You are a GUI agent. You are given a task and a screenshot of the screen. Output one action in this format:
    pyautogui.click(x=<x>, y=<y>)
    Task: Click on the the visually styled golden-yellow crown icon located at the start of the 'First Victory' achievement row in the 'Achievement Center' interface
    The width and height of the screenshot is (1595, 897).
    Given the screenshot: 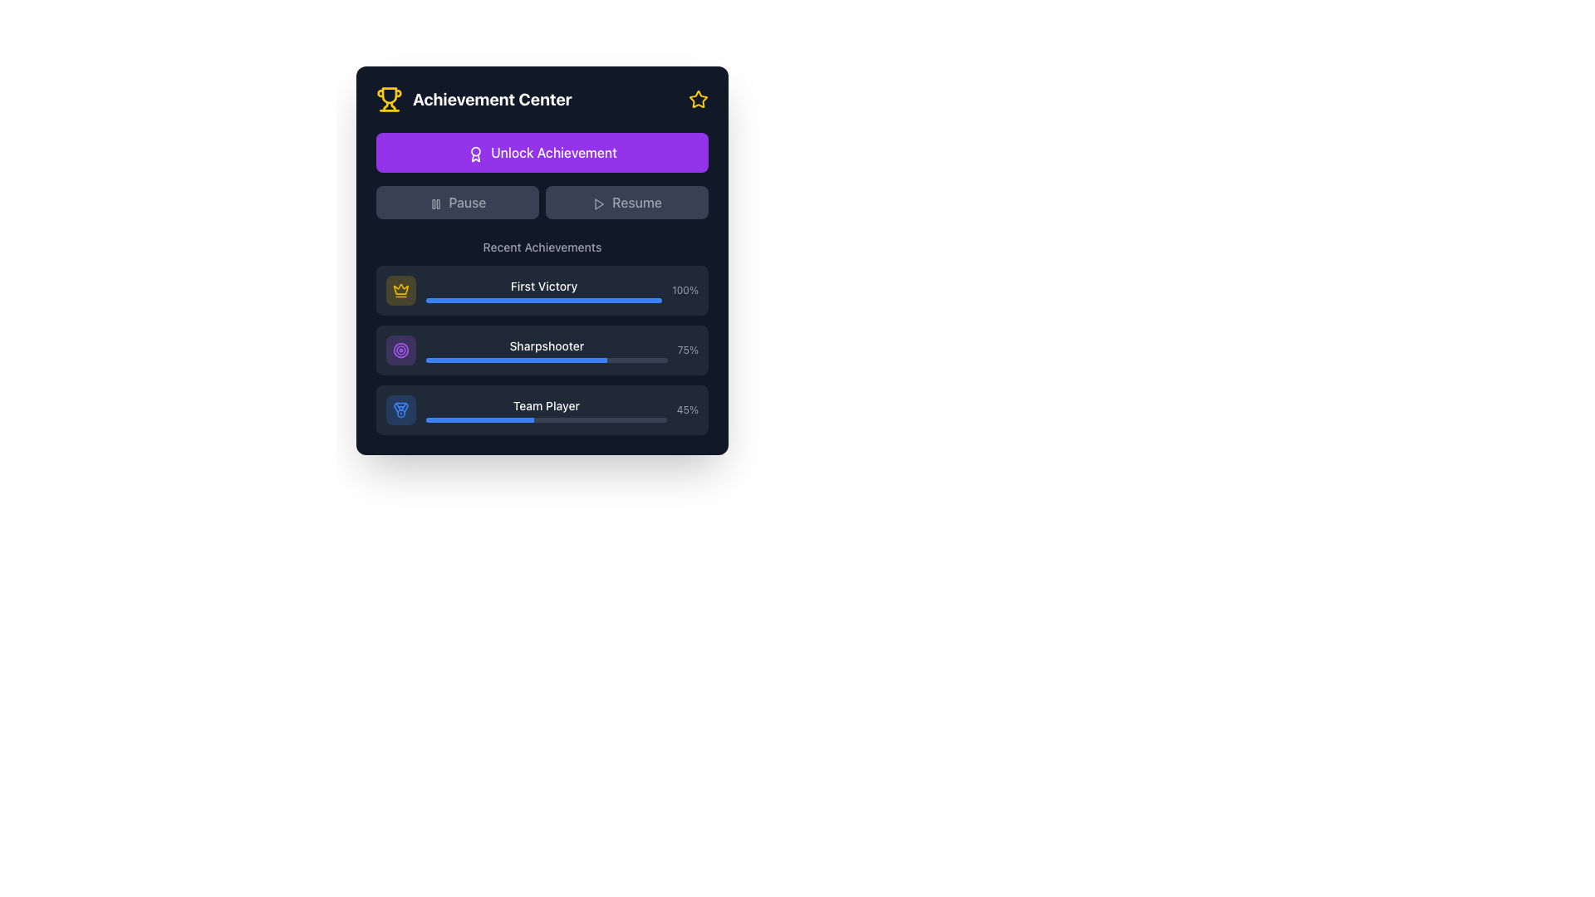 What is the action you would take?
    pyautogui.click(x=401, y=288)
    